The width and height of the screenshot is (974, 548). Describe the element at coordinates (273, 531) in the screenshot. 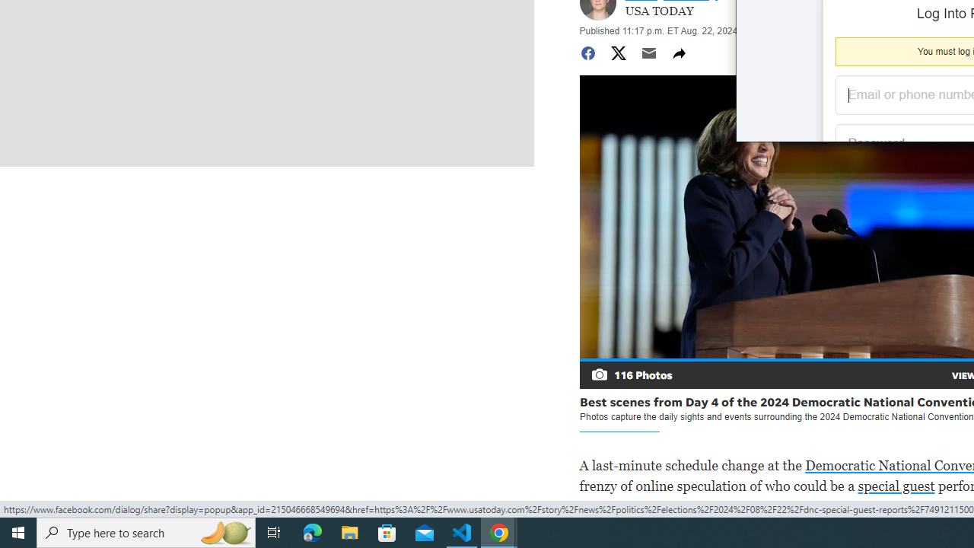

I see `'Task View'` at that location.